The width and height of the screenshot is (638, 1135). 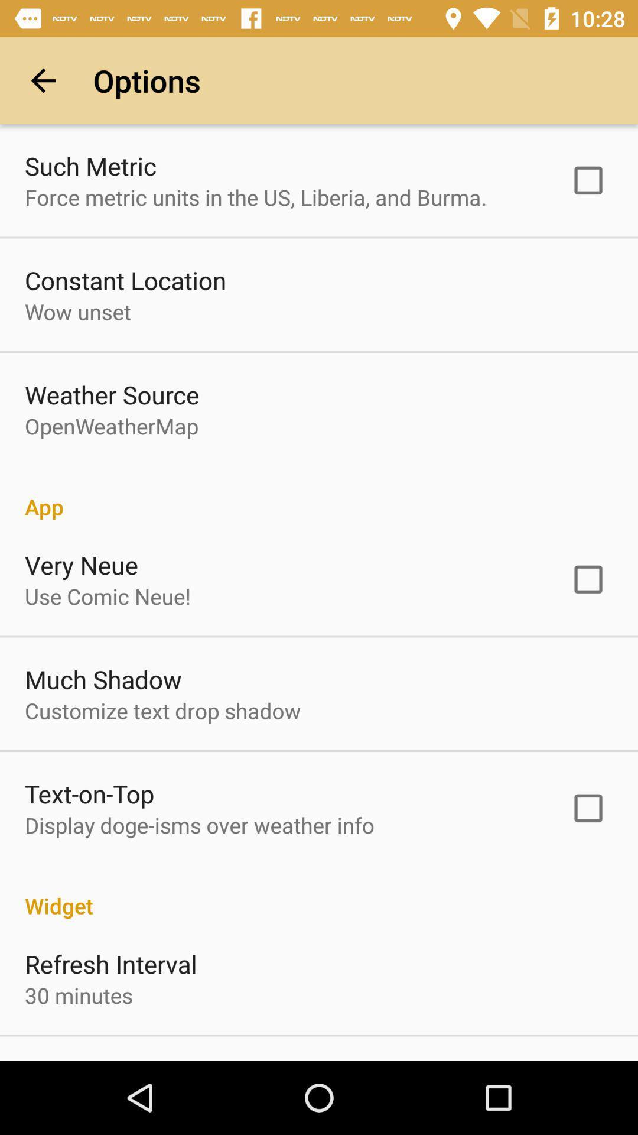 I want to click on the force metric units app, so click(x=255, y=197).